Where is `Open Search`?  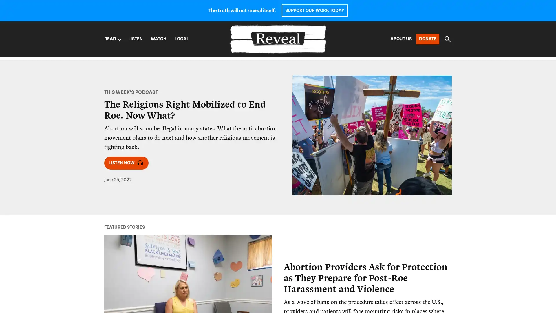 Open Search is located at coordinates (447, 39).